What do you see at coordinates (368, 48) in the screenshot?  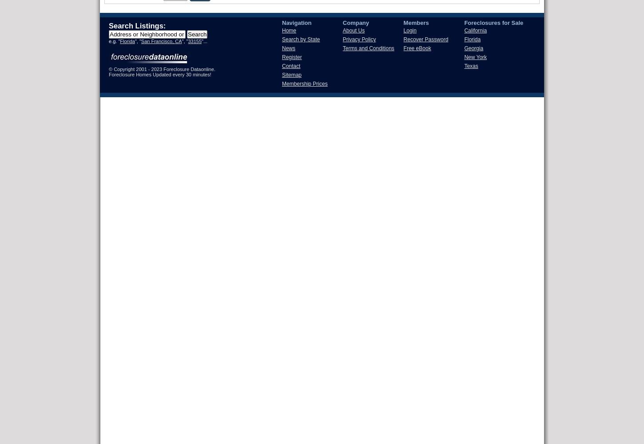 I see `'Terms and Conditions'` at bounding box center [368, 48].